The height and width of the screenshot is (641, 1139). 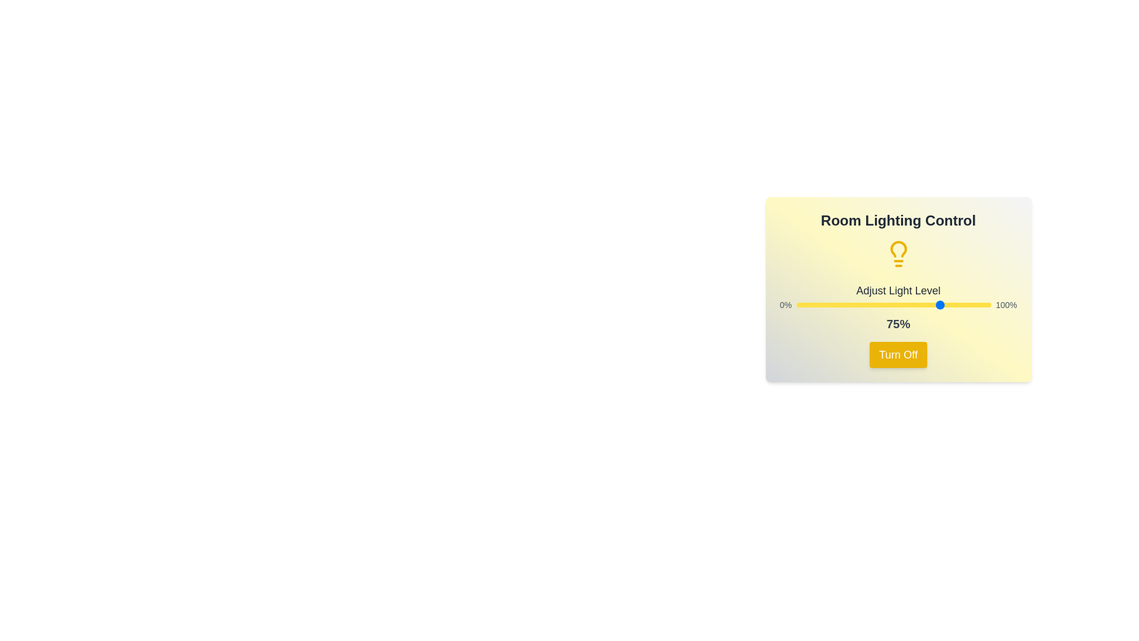 I want to click on the light level to 67% by dragging the slider, so click(x=926, y=304).